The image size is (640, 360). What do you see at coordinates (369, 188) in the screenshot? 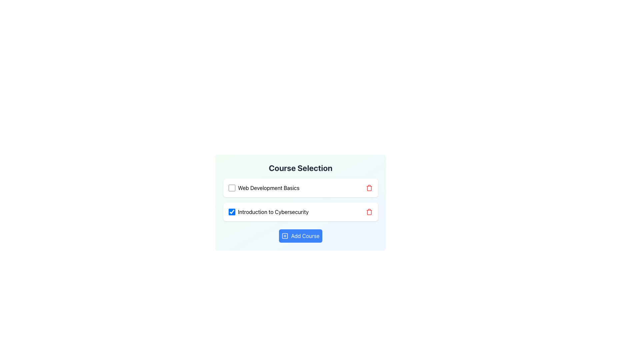
I see `the delete icon/button located in the rightmost section of the 'Web Development Basics' row` at bounding box center [369, 188].